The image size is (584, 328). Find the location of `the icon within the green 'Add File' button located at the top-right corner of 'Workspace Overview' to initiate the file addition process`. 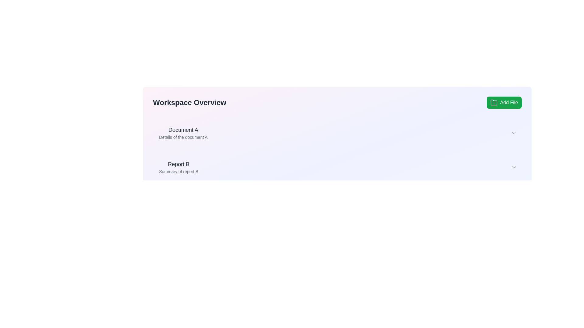

the icon within the green 'Add File' button located at the top-right corner of 'Workspace Overview' to initiate the file addition process is located at coordinates (494, 102).